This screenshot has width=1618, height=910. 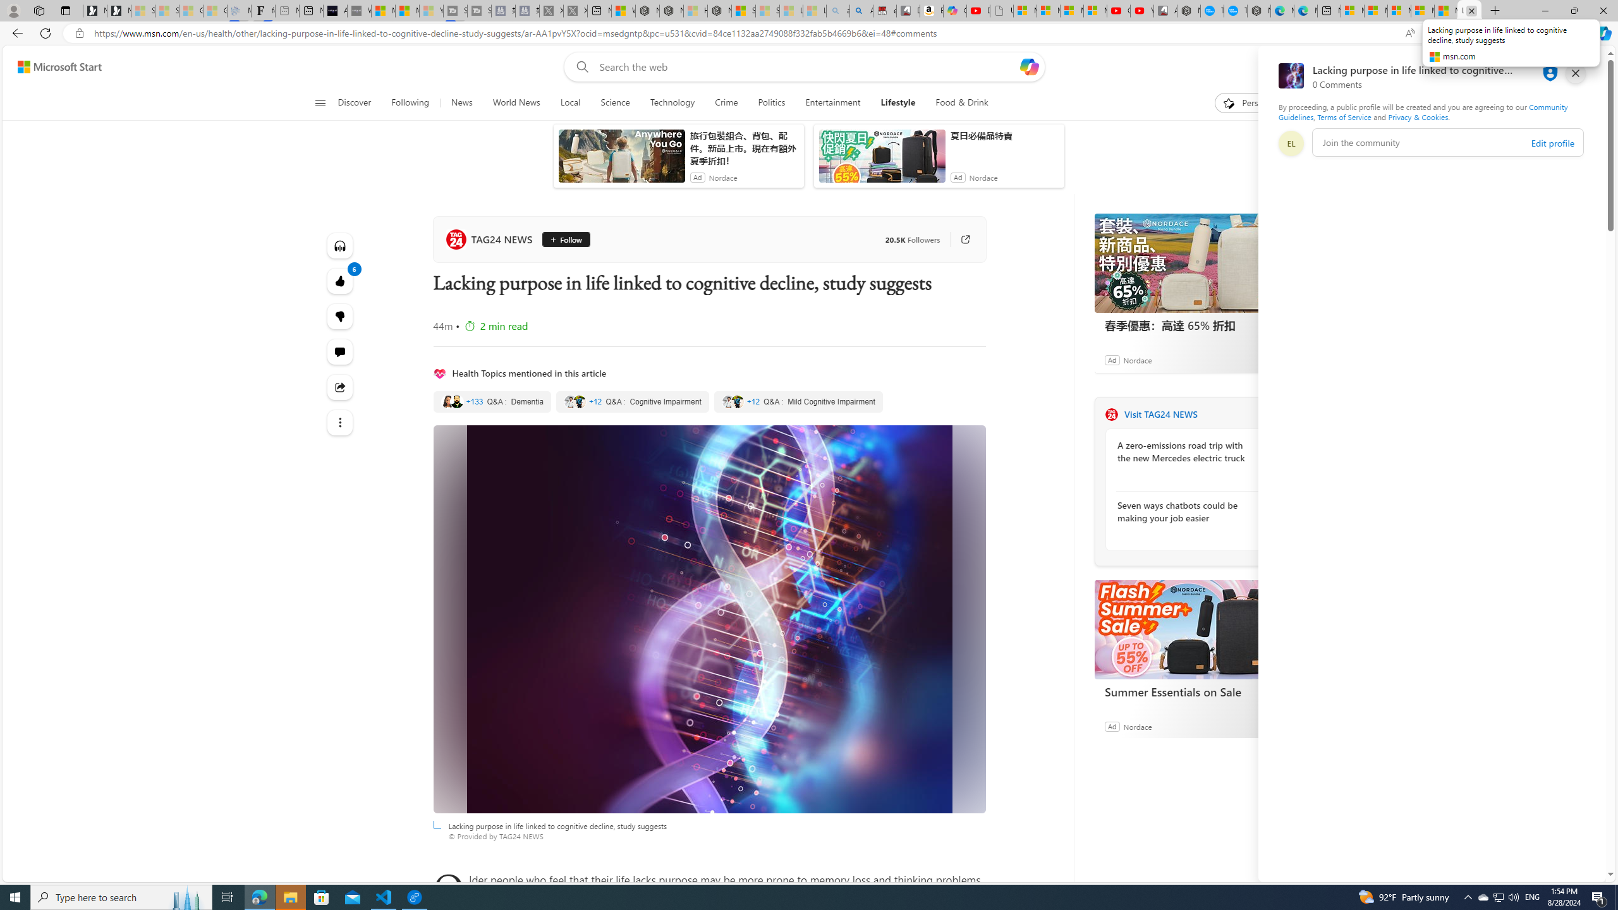 I want to click on 'Mild cognitive impairment', so click(x=798, y=401).